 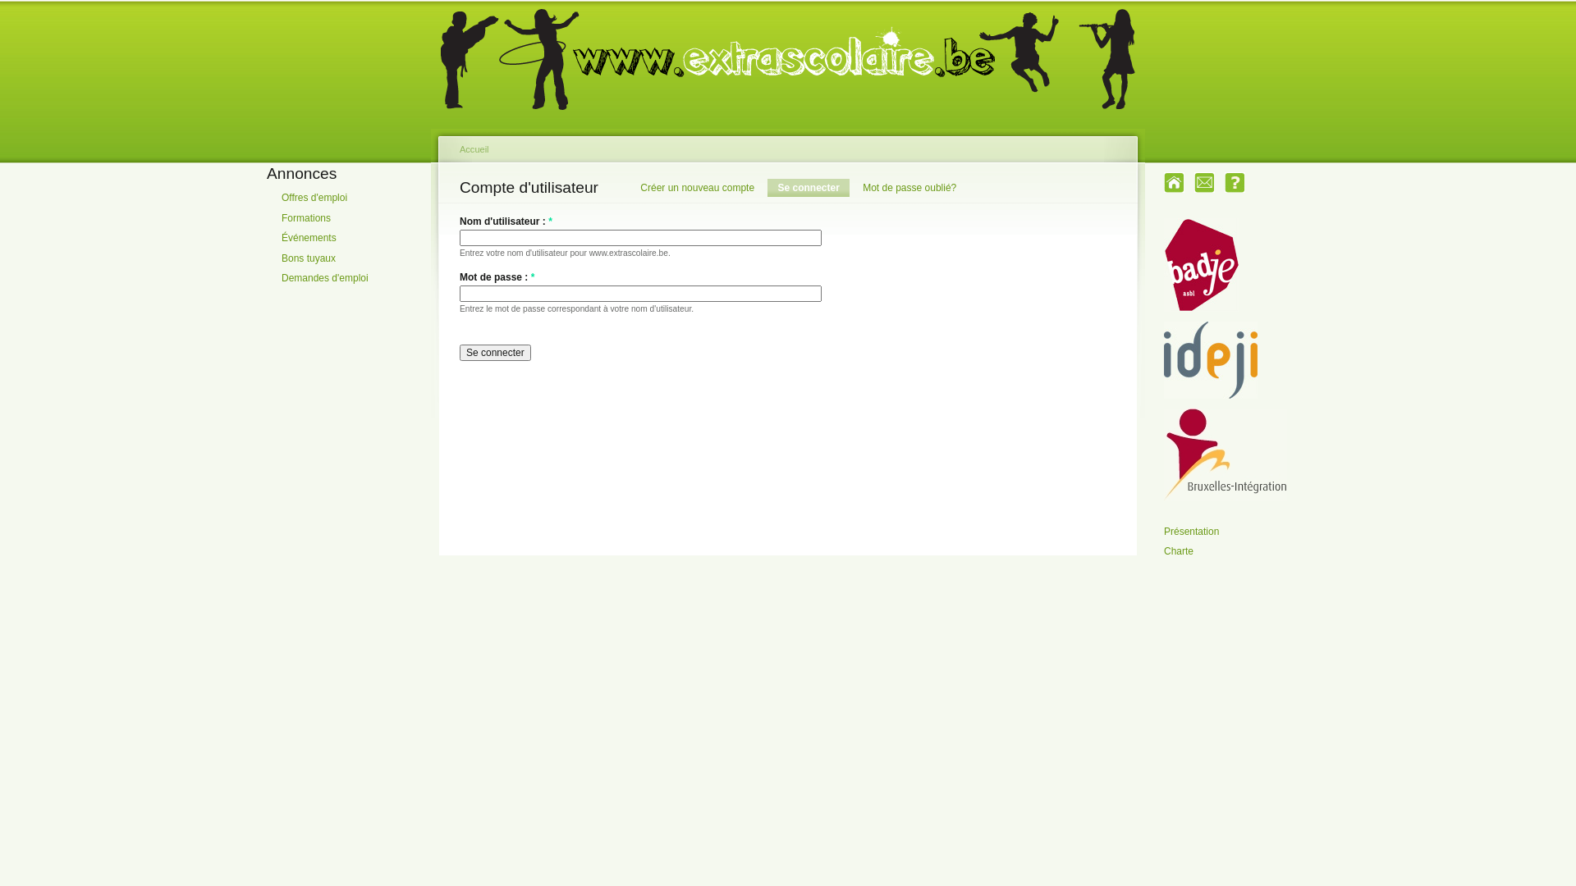 I want to click on 'Demandes d'emploi', so click(x=353, y=277).